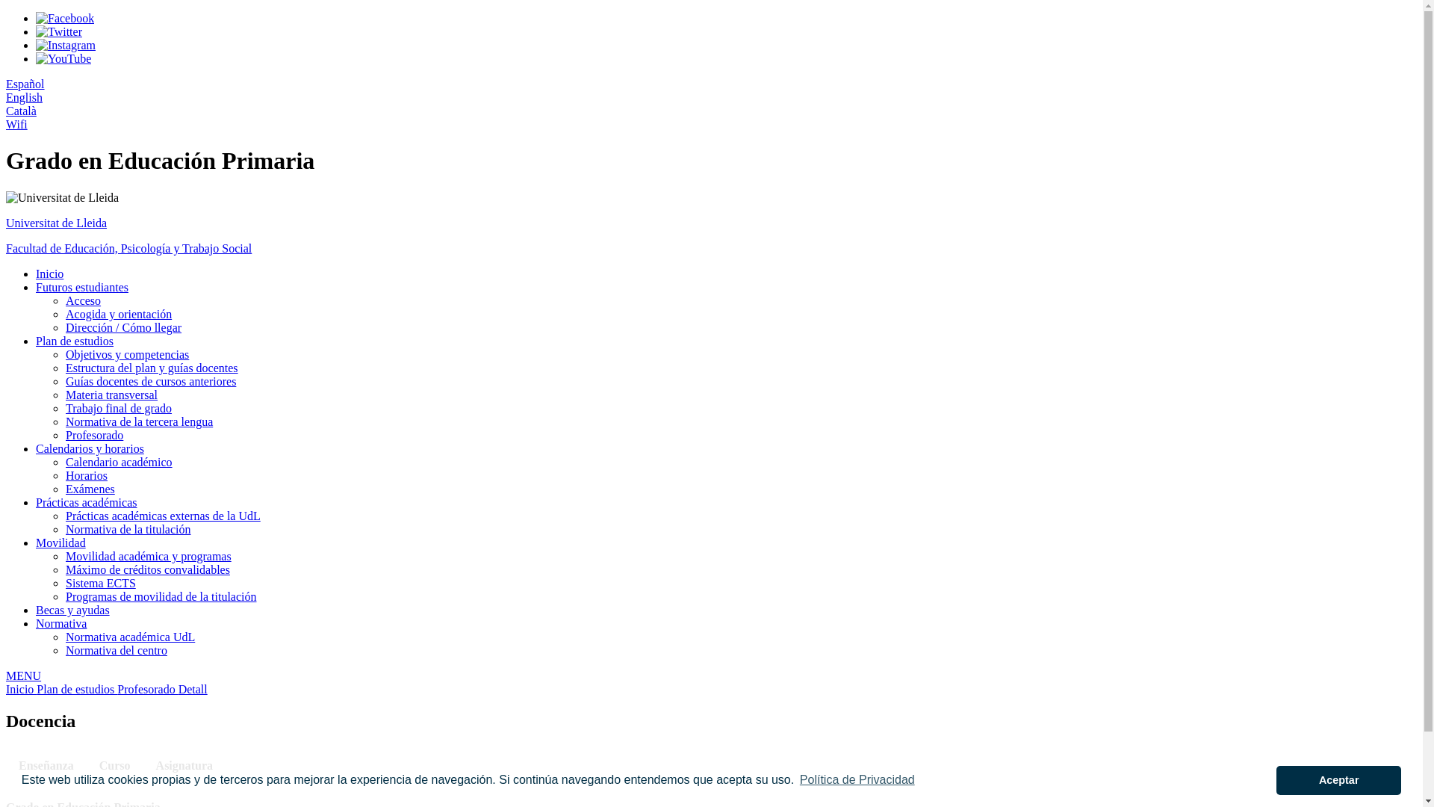 The image size is (1434, 807). I want to click on 'Acceso', so click(82, 300).